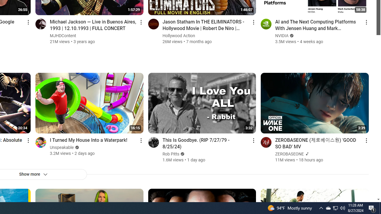 This screenshot has height=214, width=381. What do you see at coordinates (63, 36) in the screenshot?
I see `'MJHDContent'` at bounding box center [63, 36].